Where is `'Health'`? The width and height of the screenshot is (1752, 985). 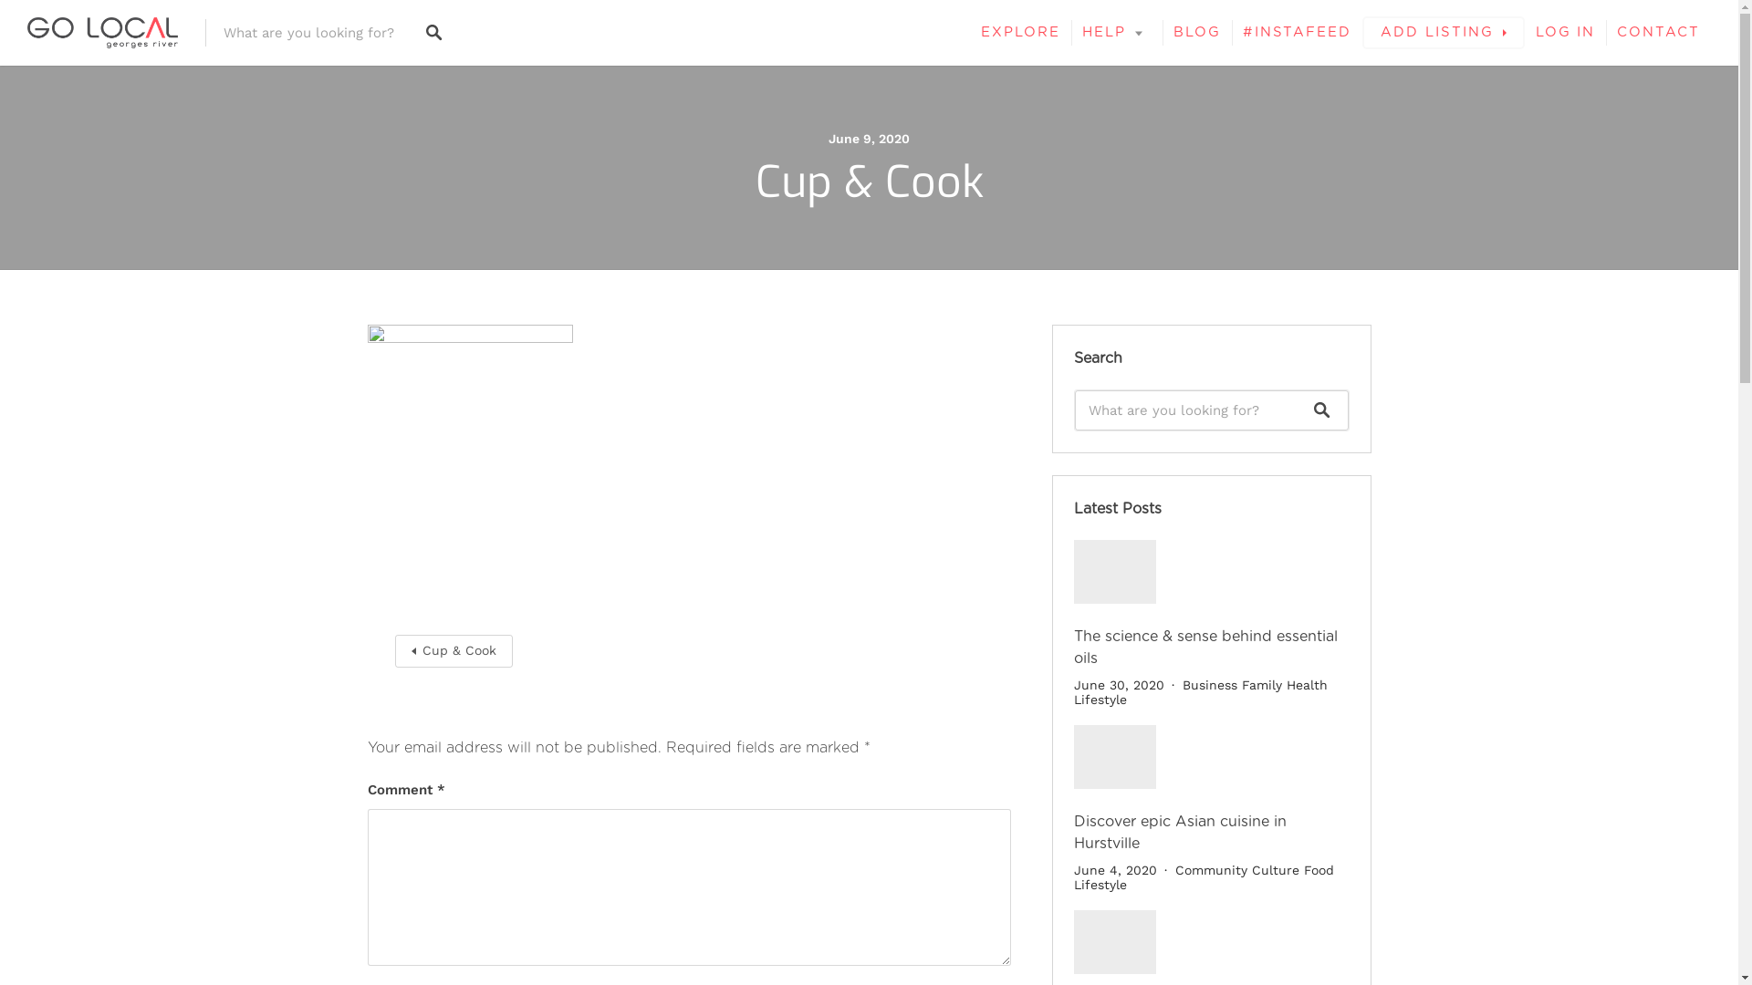 'Health' is located at coordinates (1286, 685).